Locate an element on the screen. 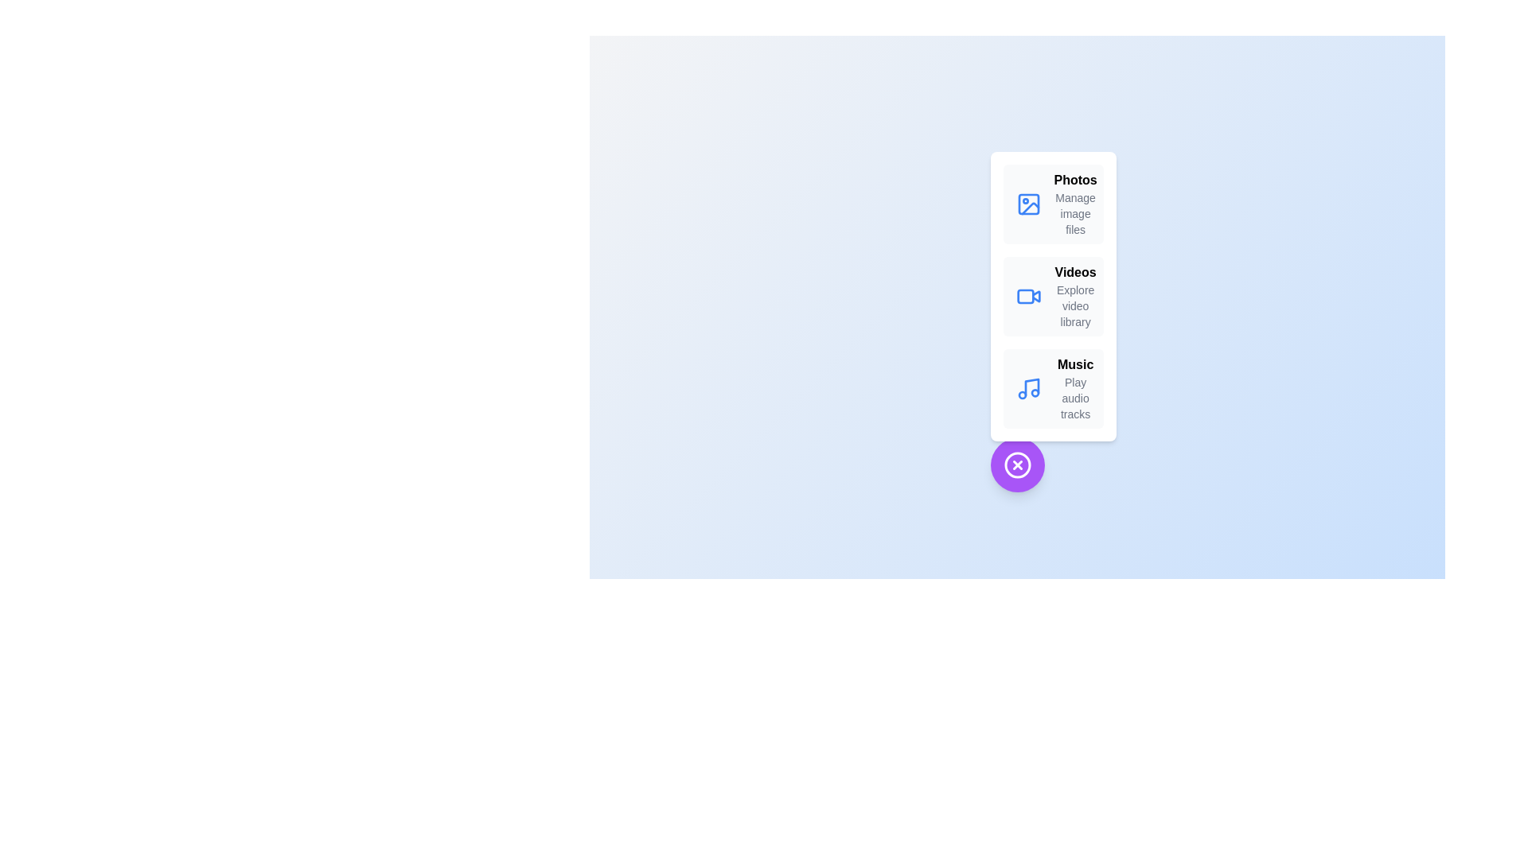 The width and height of the screenshot is (1528, 859). the 'Videos' option in the menu is located at coordinates (1053, 297).